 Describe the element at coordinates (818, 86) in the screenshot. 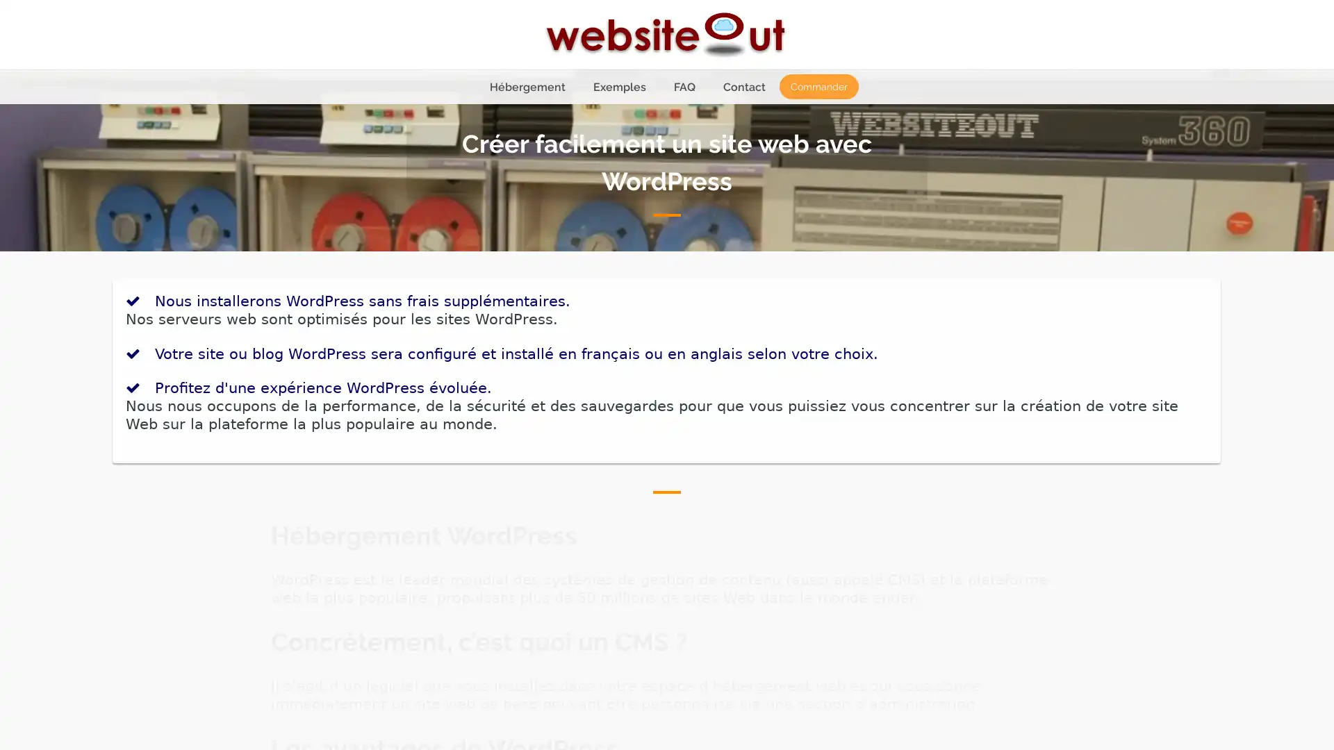

I see `Commander` at that location.